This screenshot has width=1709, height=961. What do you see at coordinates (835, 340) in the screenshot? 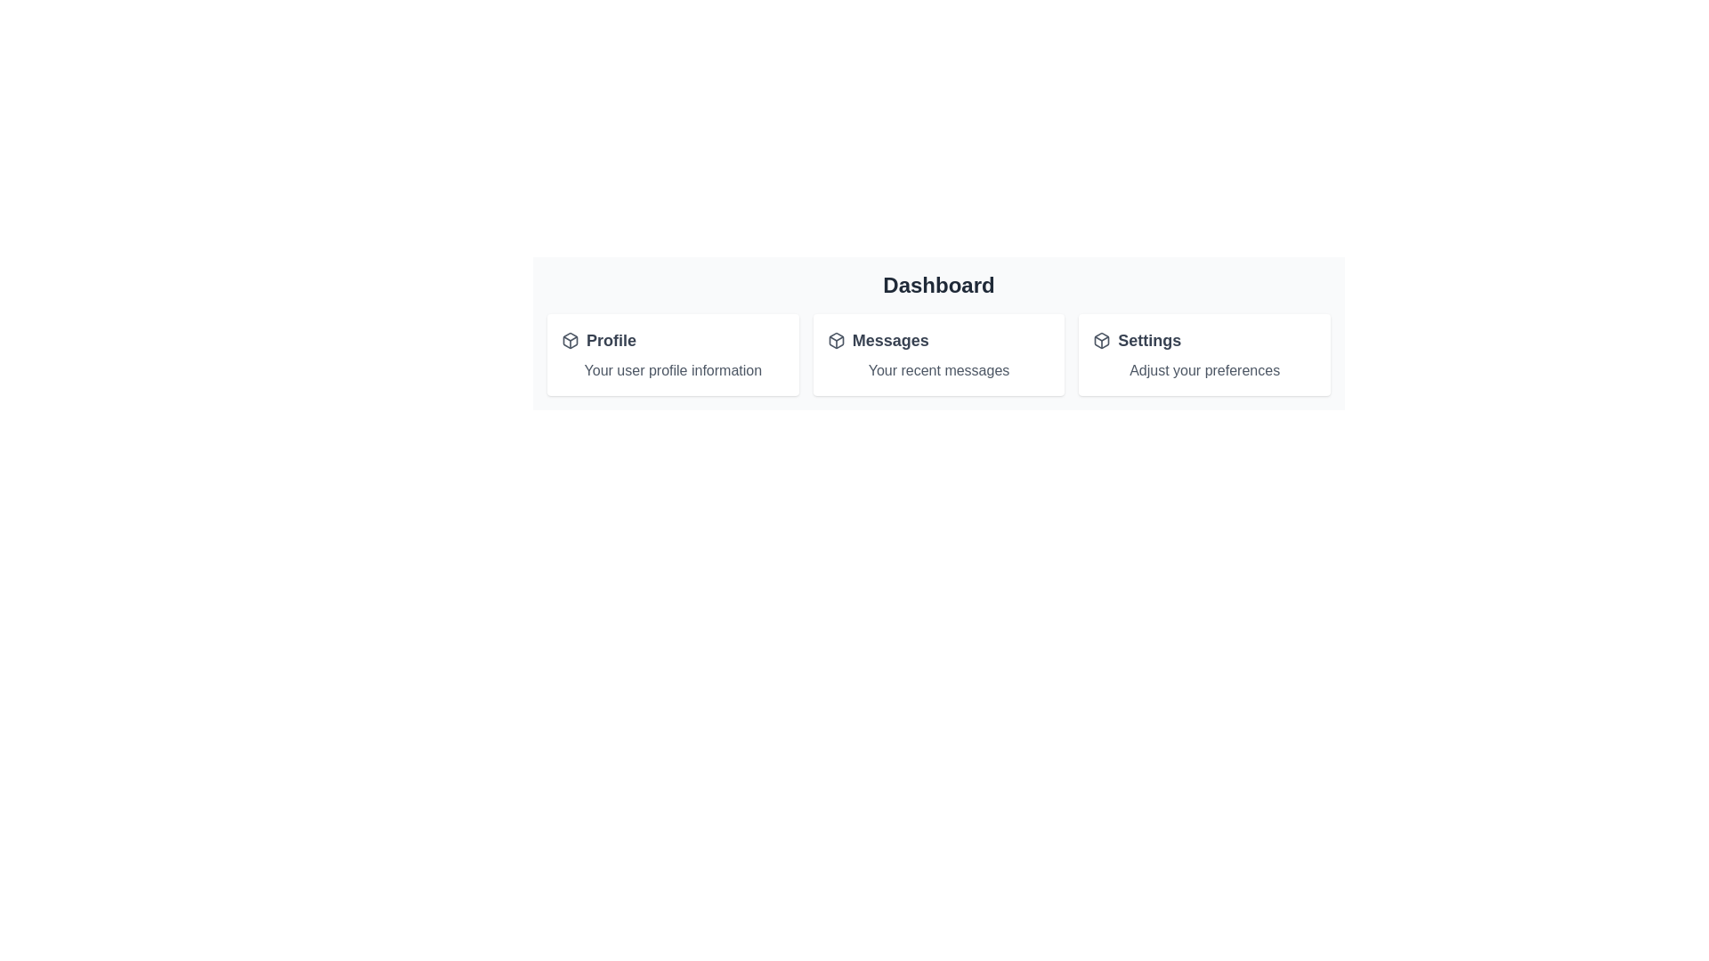
I see `the Icon (Box Representation) located in the 'Messages' card, positioned centrally between the 'Profile' and 'Settings' cards` at bounding box center [835, 340].